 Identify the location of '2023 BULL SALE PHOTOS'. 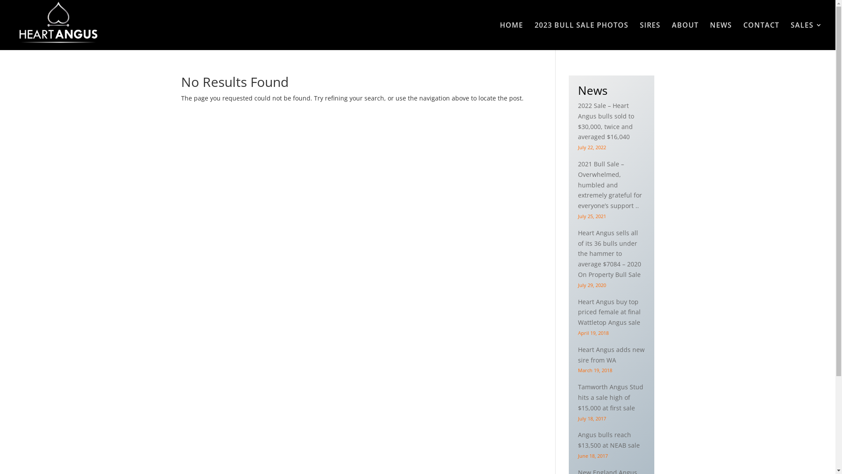
(581, 35).